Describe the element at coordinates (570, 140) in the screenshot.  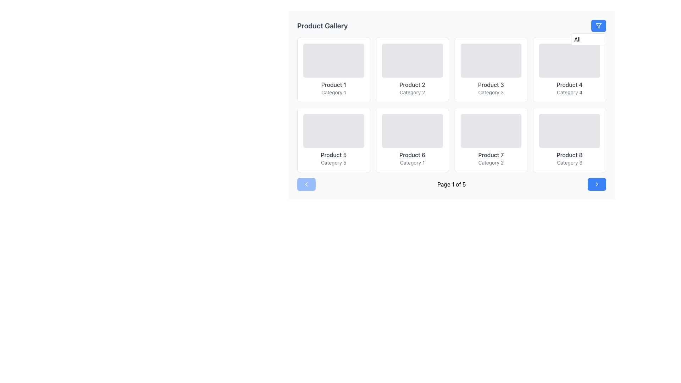
I see `the item display card located in the second row, fourth column of the product gallery grid` at that location.